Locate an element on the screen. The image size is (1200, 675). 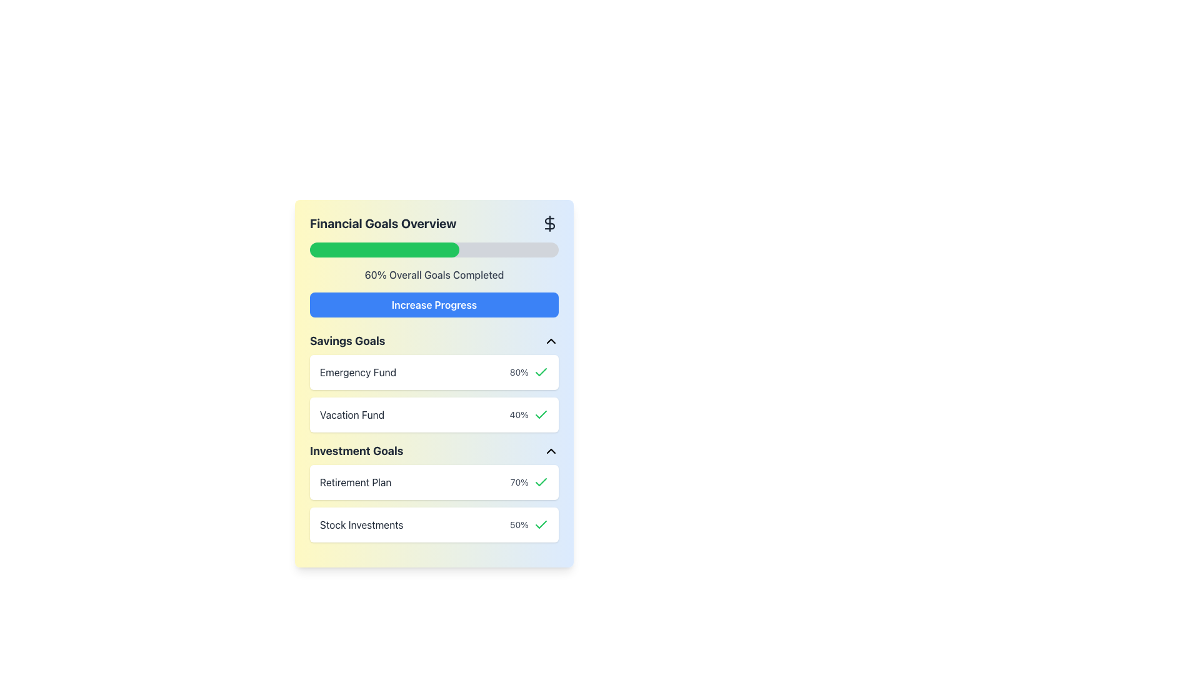
the static label that displays the completion or progress percentage for the 'Retirement Plan' task in the 'Investment Goals' section, located to the right of the corresponding row and before the green checkmark icon is located at coordinates (519, 481).